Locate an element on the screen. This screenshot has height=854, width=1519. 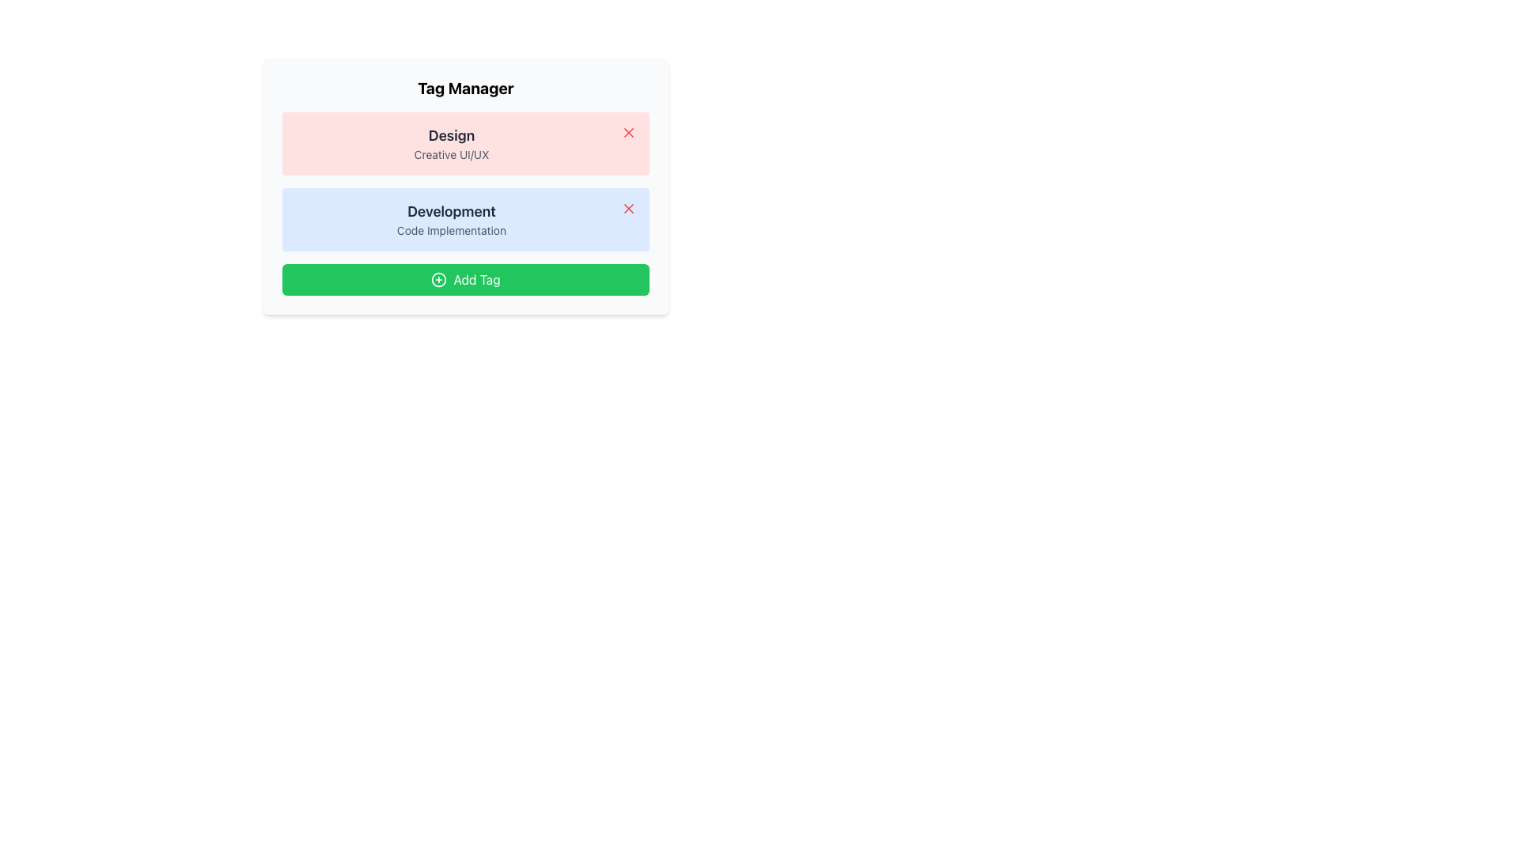
the SVG circle element that is the outer circle component of the plus sign icon located at the center of the green 'Add Tag' button is located at coordinates (439, 279).